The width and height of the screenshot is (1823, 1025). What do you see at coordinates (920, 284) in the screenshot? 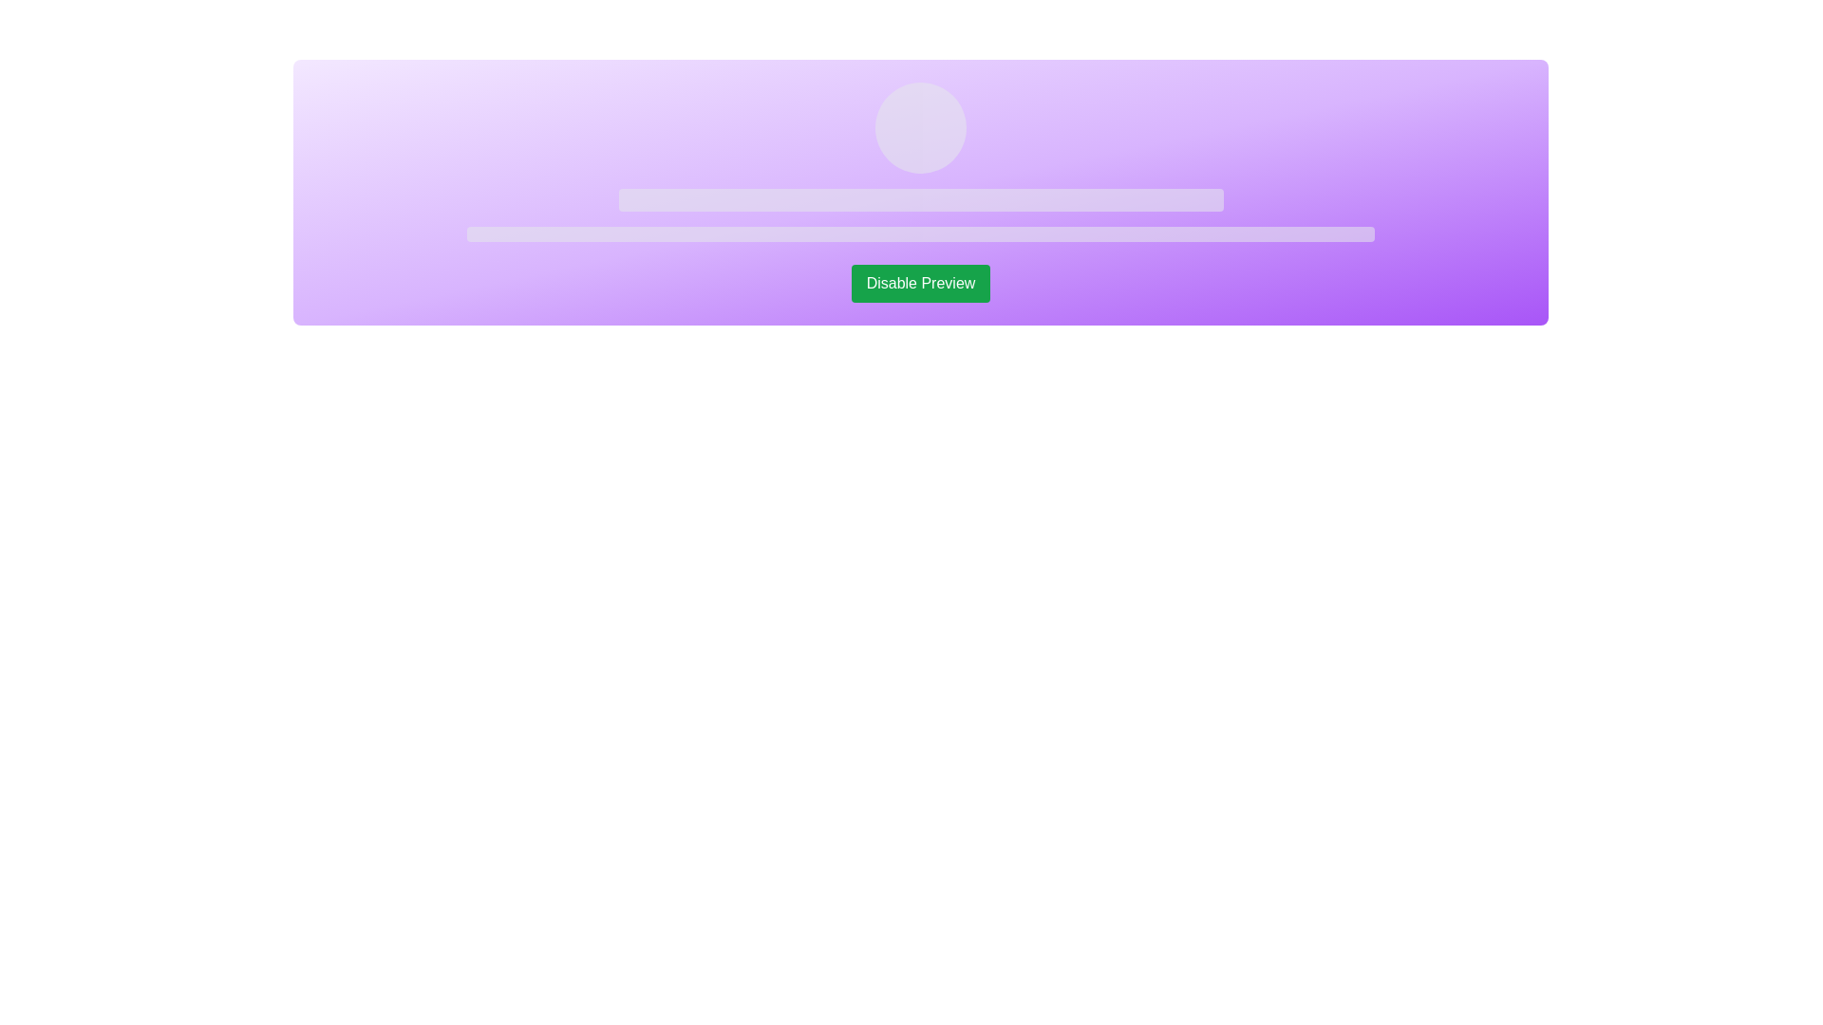
I see `the button located in the lower section of the purple gradient background` at bounding box center [920, 284].